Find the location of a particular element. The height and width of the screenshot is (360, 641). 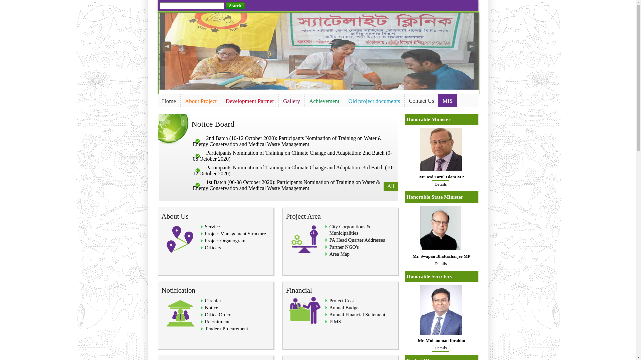

'Tender / Procurement' is located at coordinates (226, 328).